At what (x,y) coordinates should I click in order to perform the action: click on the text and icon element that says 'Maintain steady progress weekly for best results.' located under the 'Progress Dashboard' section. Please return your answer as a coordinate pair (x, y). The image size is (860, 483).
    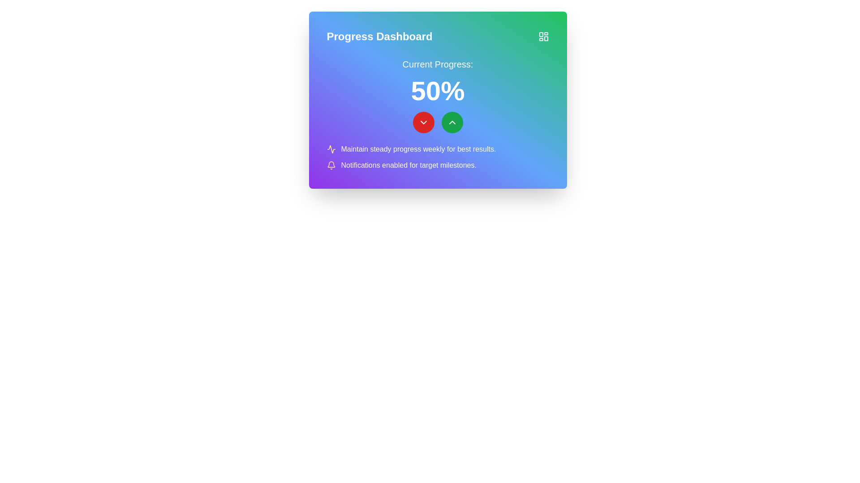
    Looking at the image, I should click on (438, 149).